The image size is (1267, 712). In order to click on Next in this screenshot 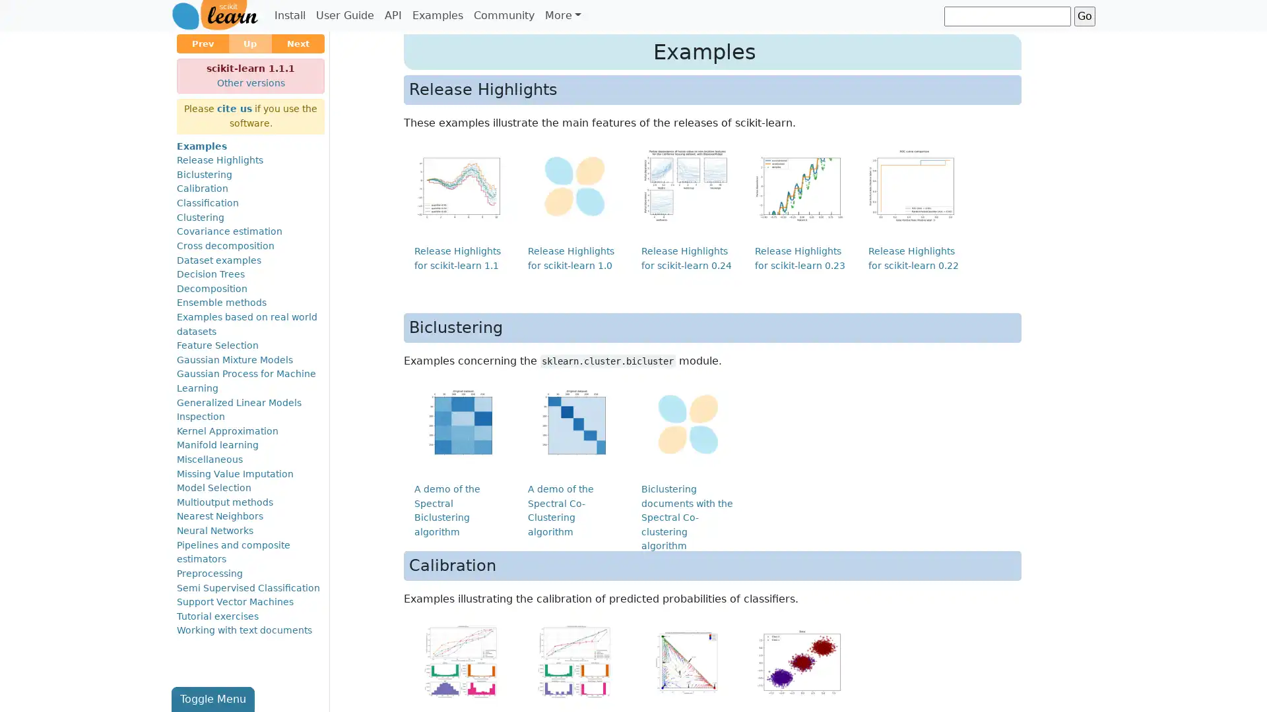, I will do `click(297, 43)`.